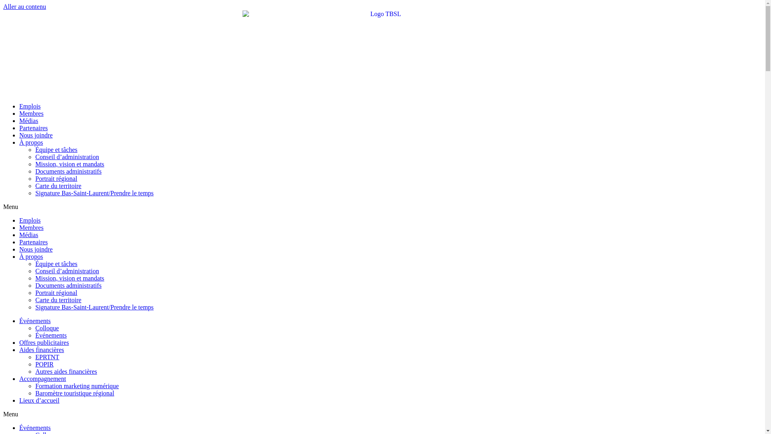 The width and height of the screenshot is (771, 434). I want to click on 'Offres publicitaires', so click(44, 342).